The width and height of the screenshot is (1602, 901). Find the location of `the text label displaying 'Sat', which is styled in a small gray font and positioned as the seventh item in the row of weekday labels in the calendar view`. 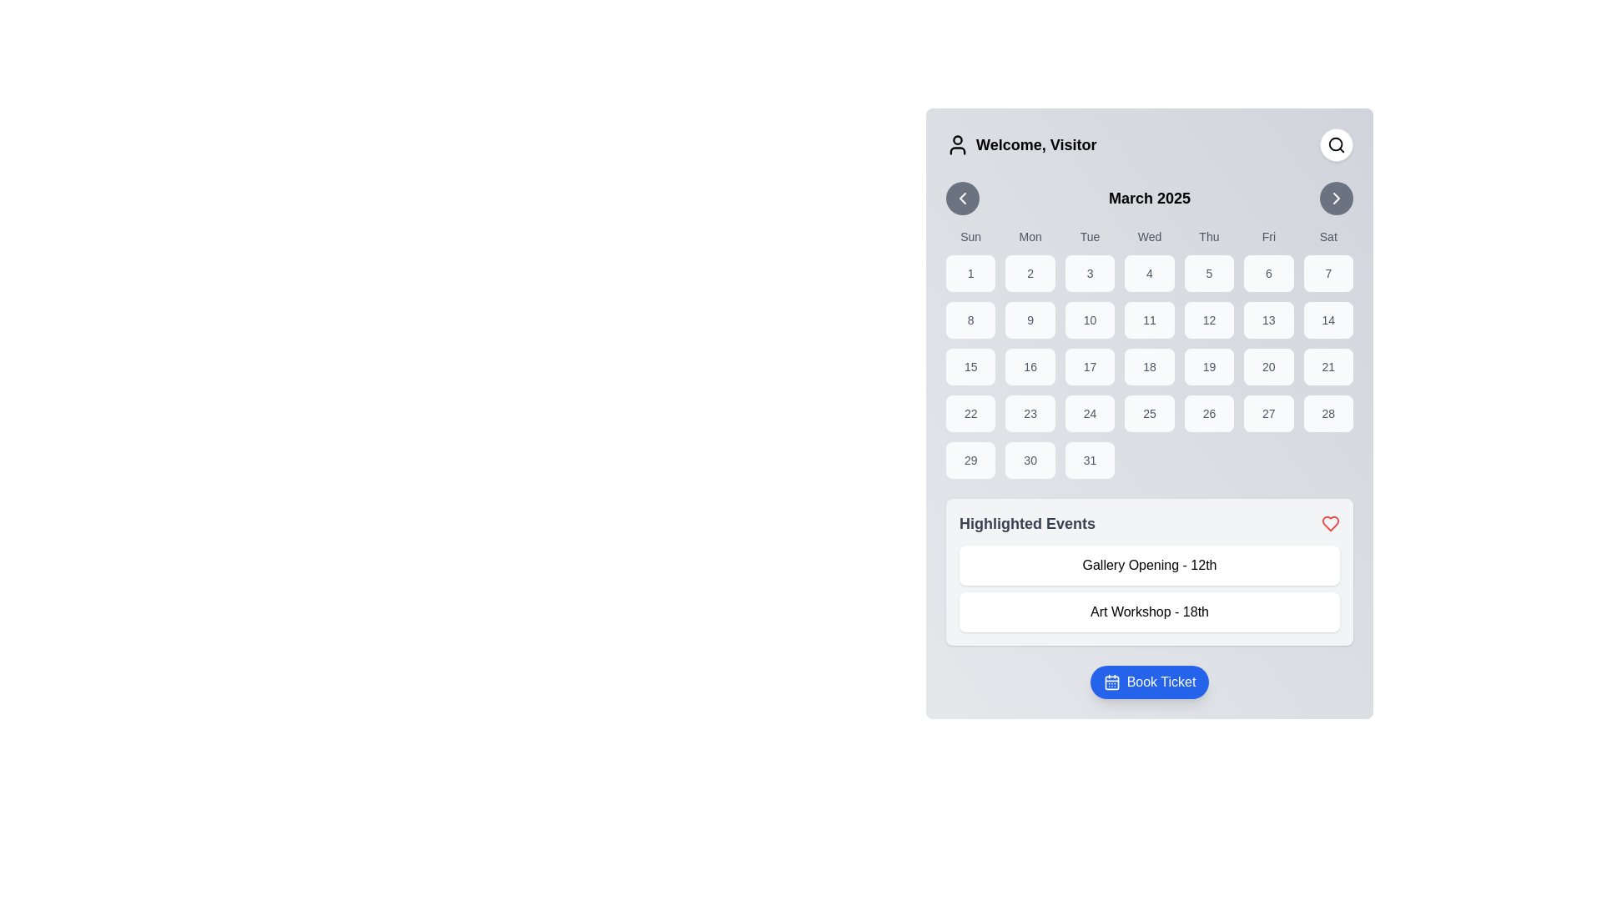

the text label displaying 'Sat', which is styled in a small gray font and positioned as the seventh item in the row of weekday labels in the calendar view is located at coordinates (1327, 237).